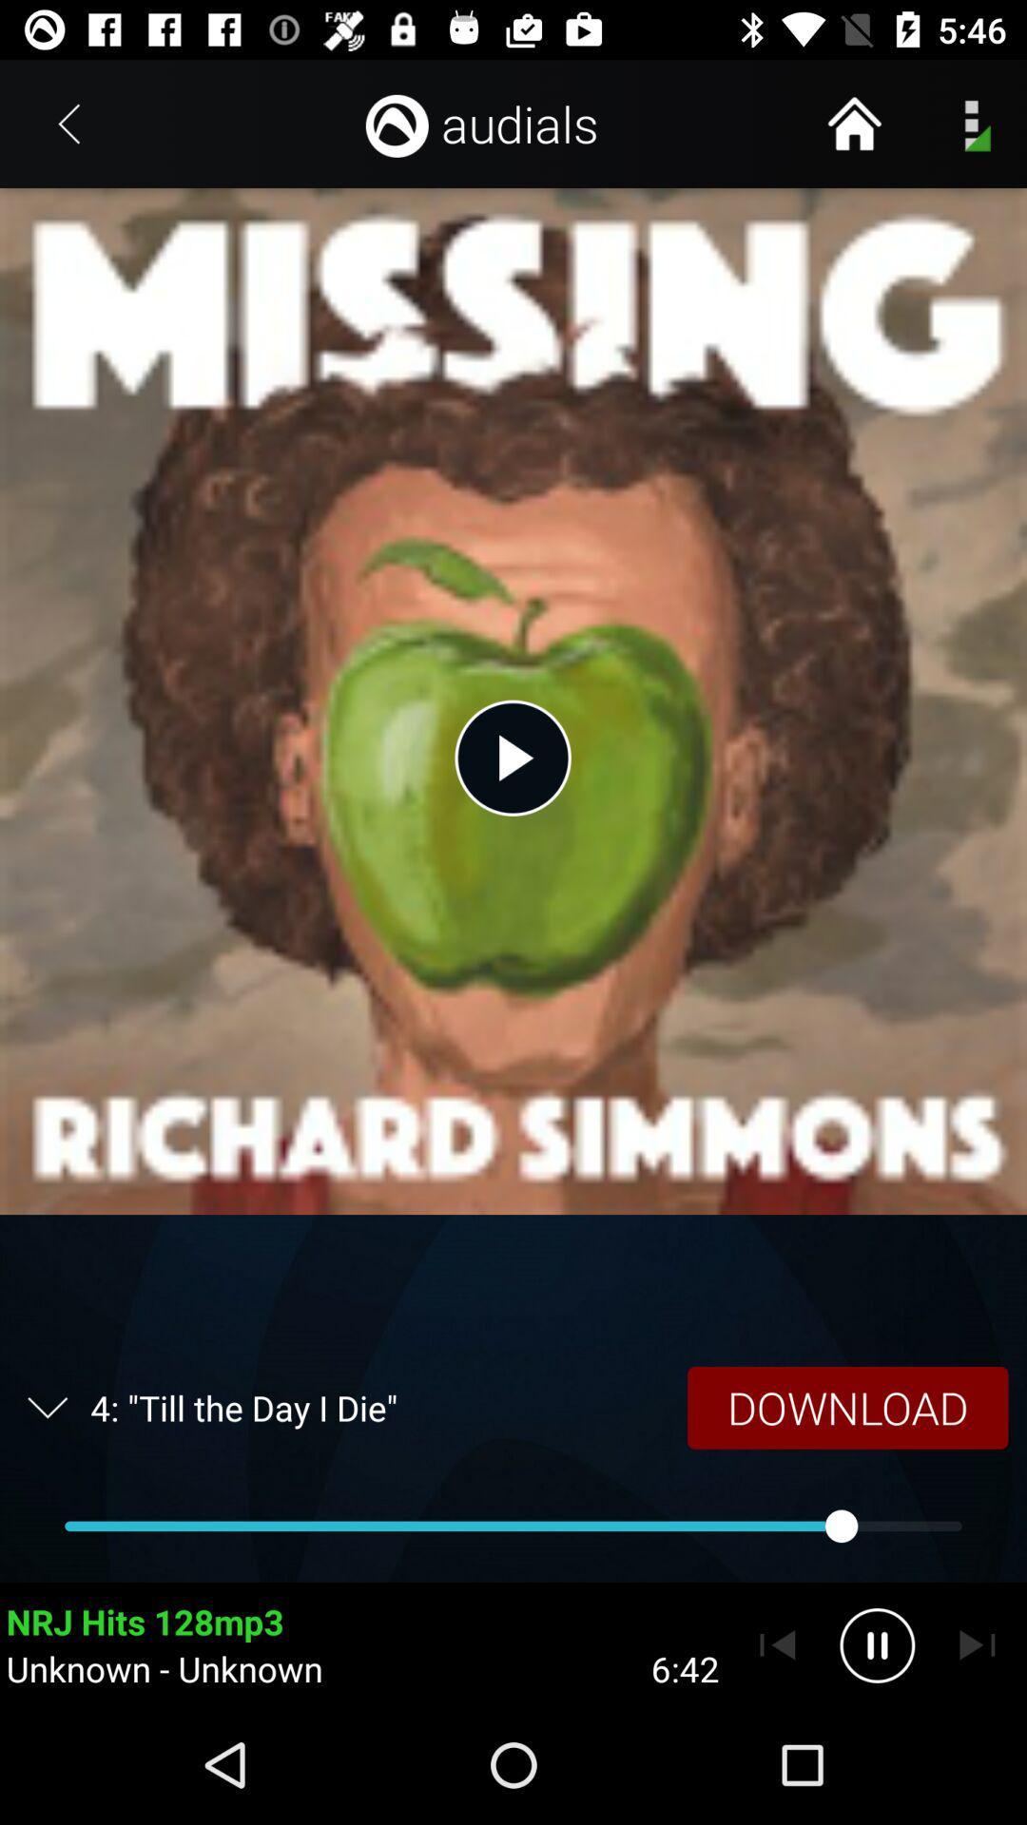  I want to click on previous play, so click(777, 1644).